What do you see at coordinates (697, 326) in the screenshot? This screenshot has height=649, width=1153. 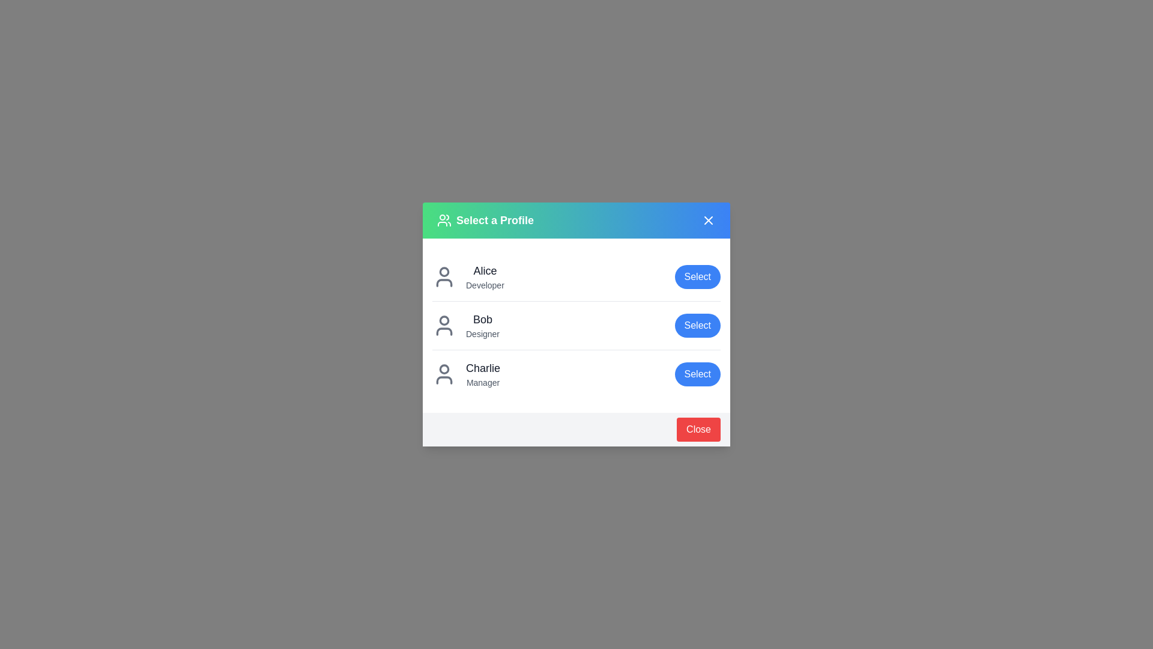 I see `the 'Select' button for the user profile Bob` at bounding box center [697, 326].